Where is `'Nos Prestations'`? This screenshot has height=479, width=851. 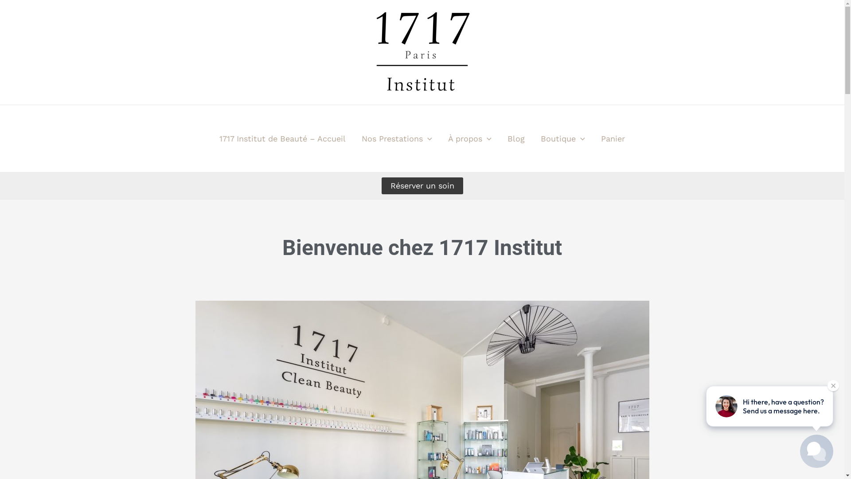
'Nos Prestations' is located at coordinates (396, 138).